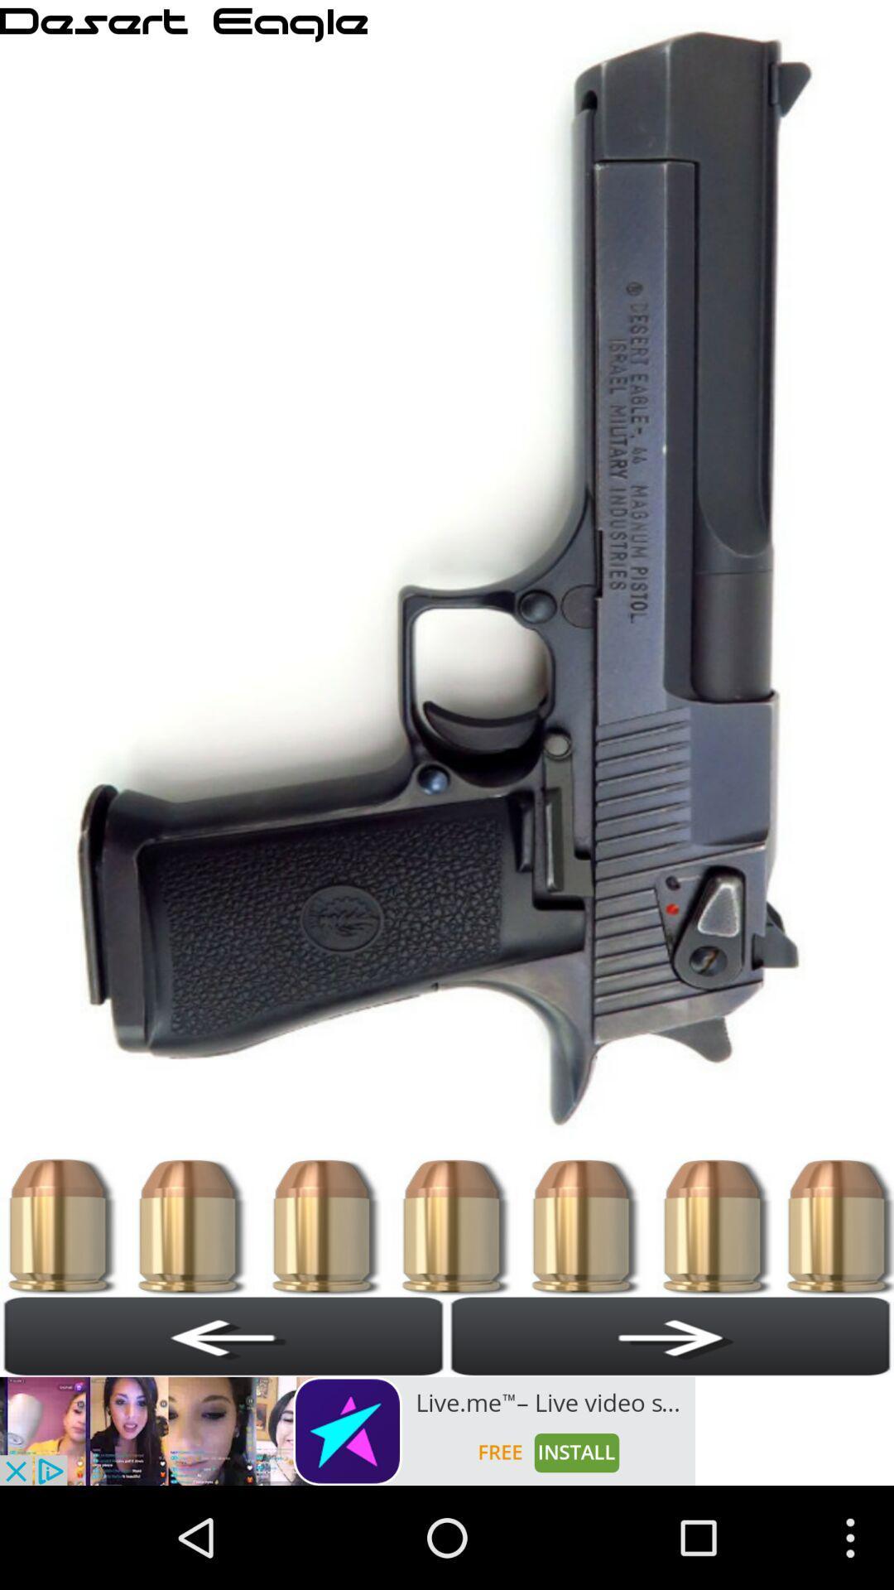 The image size is (894, 1590). Describe the element at coordinates (670, 1336) in the screenshot. I see `go forward` at that location.